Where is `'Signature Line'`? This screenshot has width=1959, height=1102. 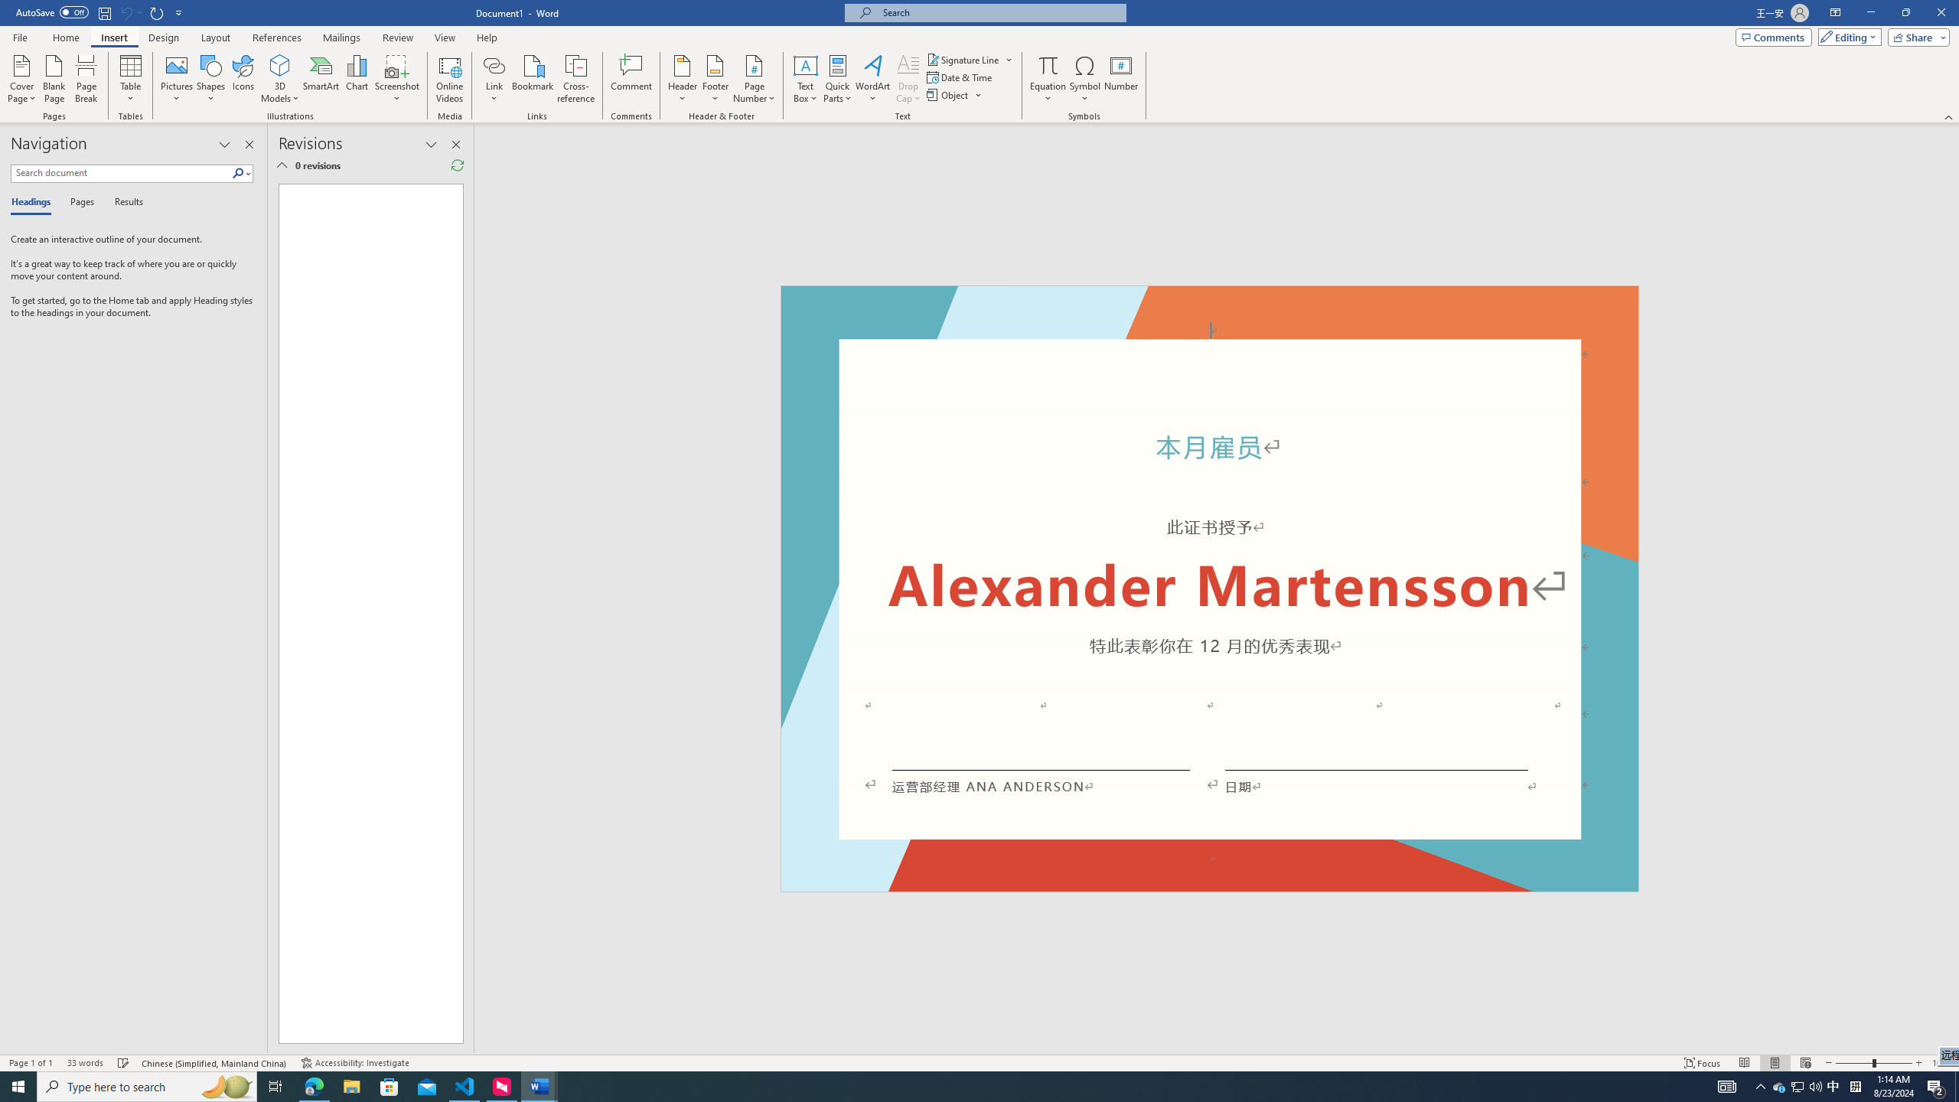
'Signature Line' is located at coordinates (970, 59).